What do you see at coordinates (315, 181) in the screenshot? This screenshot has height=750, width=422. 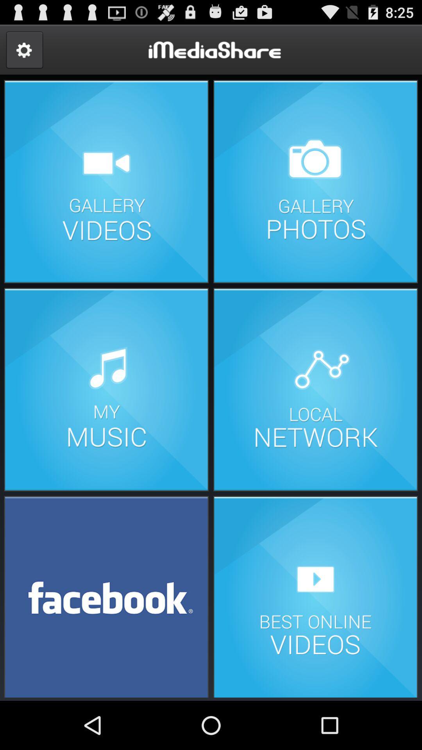 I see `photo gallery` at bounding box center [315, 181].